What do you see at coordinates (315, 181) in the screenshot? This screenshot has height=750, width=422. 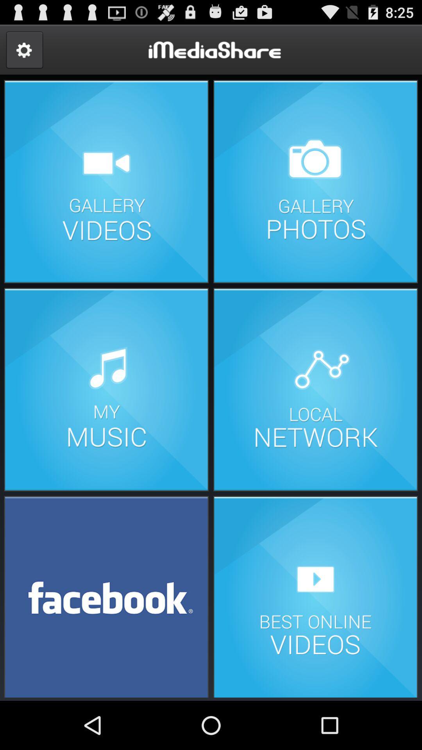 I see `photo gallery` at bounding box center [315, 181].